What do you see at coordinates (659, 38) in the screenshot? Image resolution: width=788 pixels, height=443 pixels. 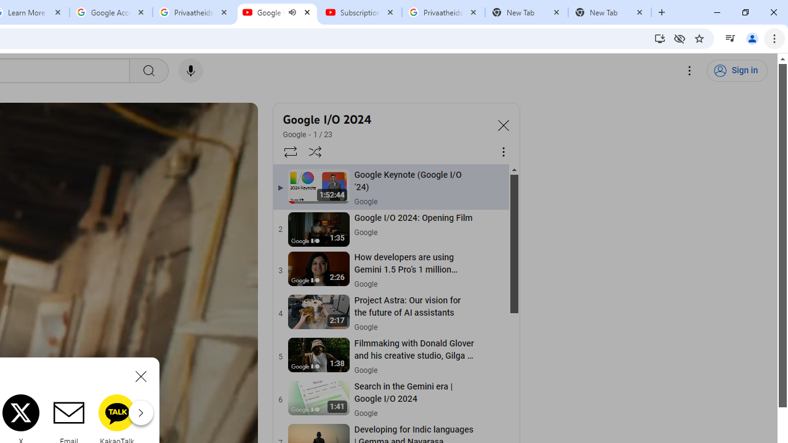 I see `'Install YouTube'` at bounding box center [659, 38].